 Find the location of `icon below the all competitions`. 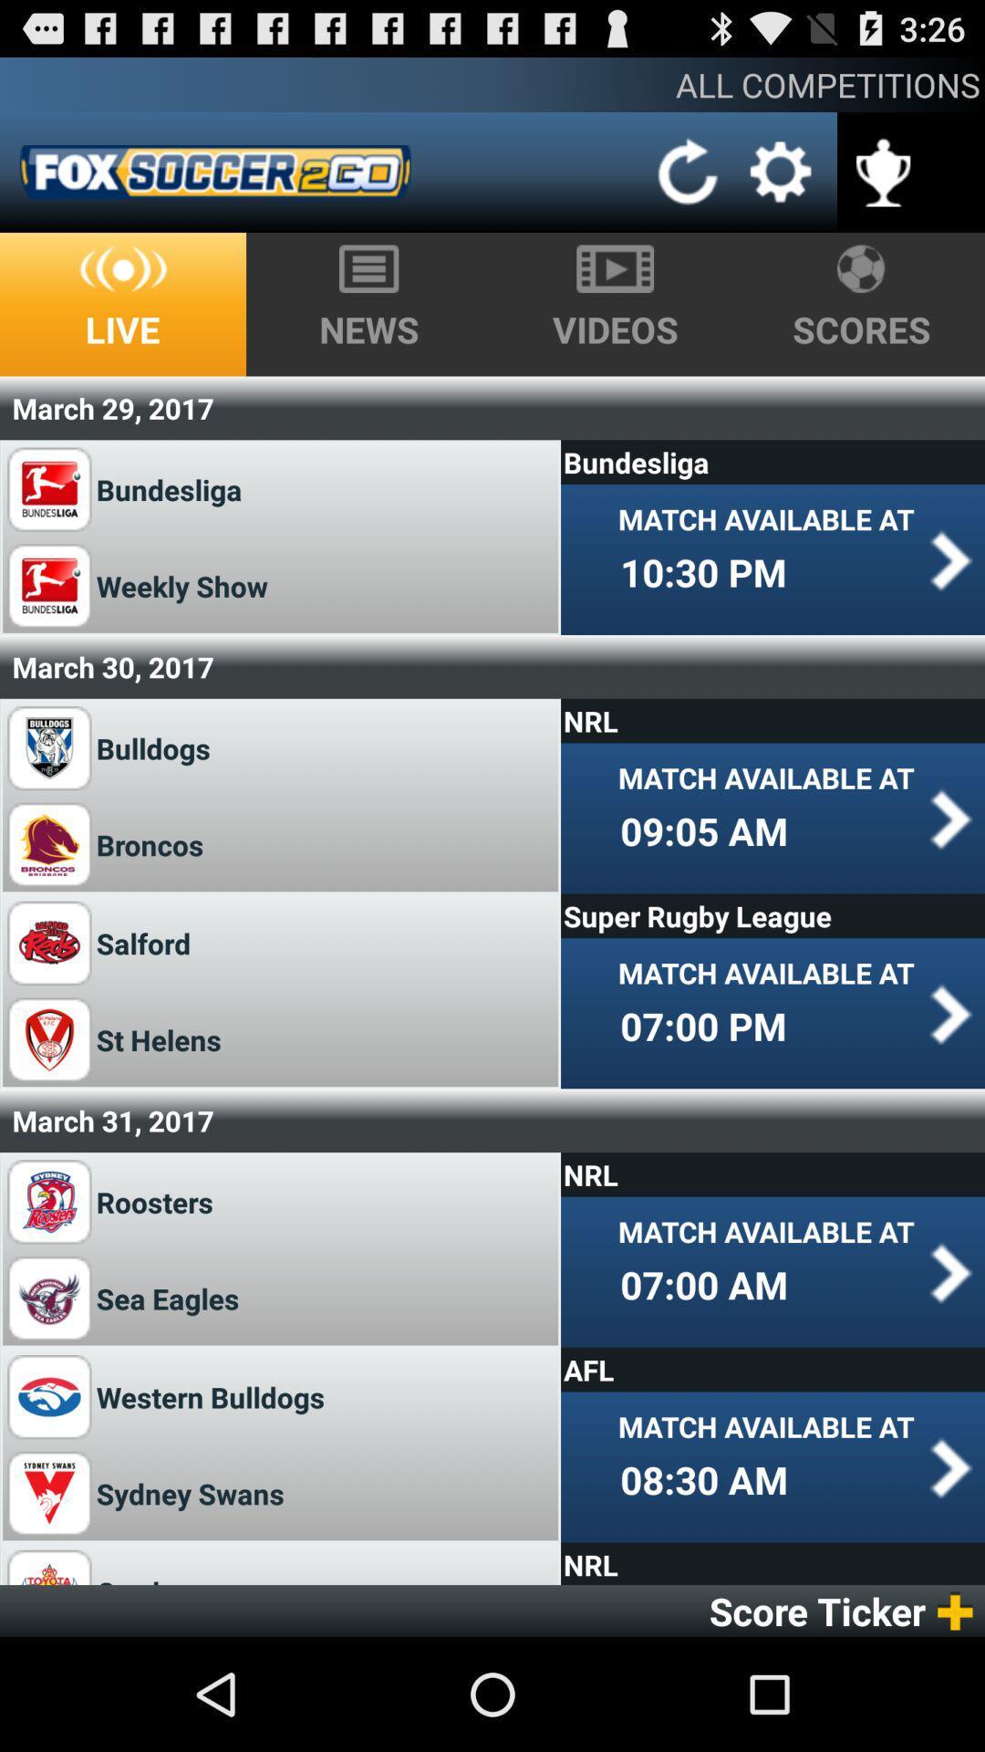

icon below the all competitions is located at coordinates (689, 172).